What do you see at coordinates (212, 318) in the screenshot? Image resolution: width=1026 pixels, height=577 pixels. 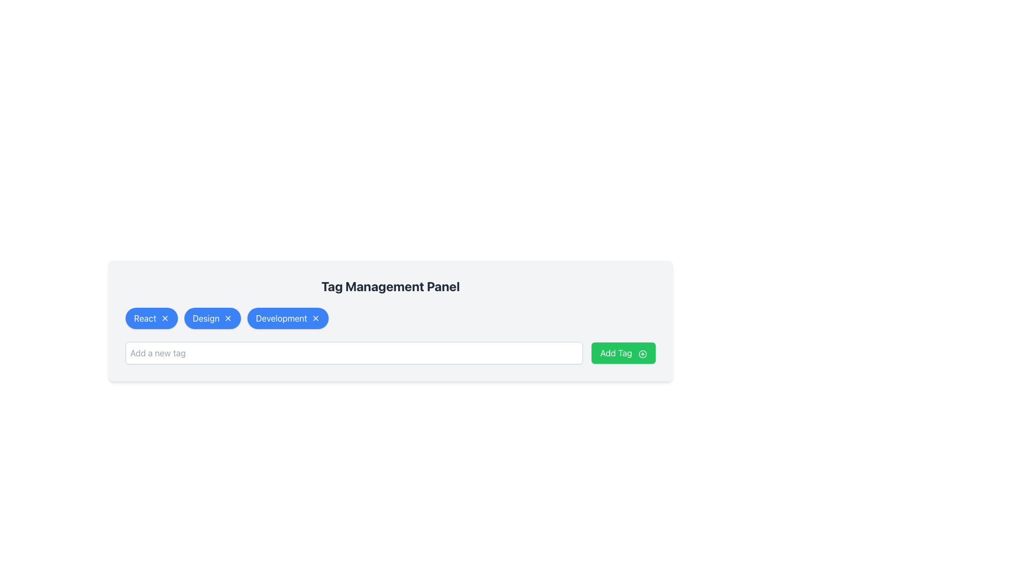 I see `the 'Design' tag element using keyboard for accessibility` at bounding box center [212, 318].